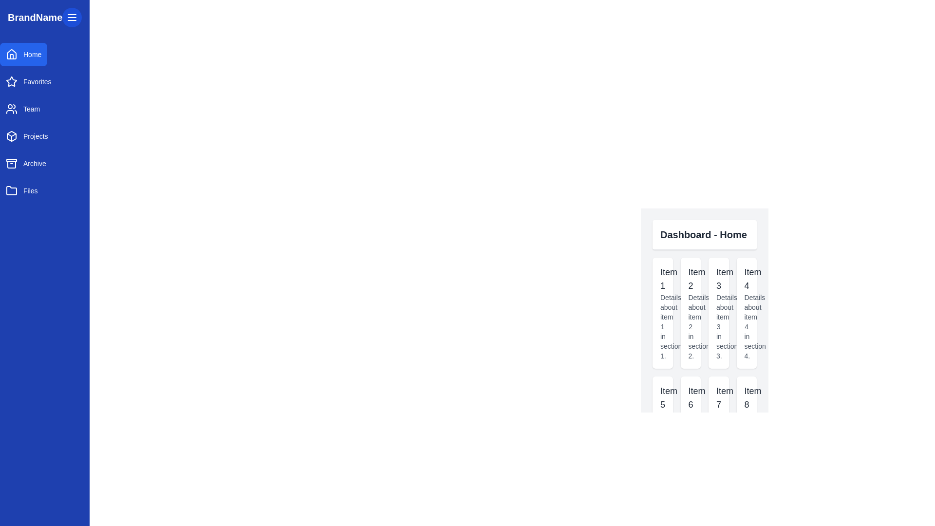 The height and width of the screenshot is (526, 935). I want to click on the 'Files' menu icon located in the left navigation panel, which is the last icon listed below the 'Archive' section, so click(12, 190).